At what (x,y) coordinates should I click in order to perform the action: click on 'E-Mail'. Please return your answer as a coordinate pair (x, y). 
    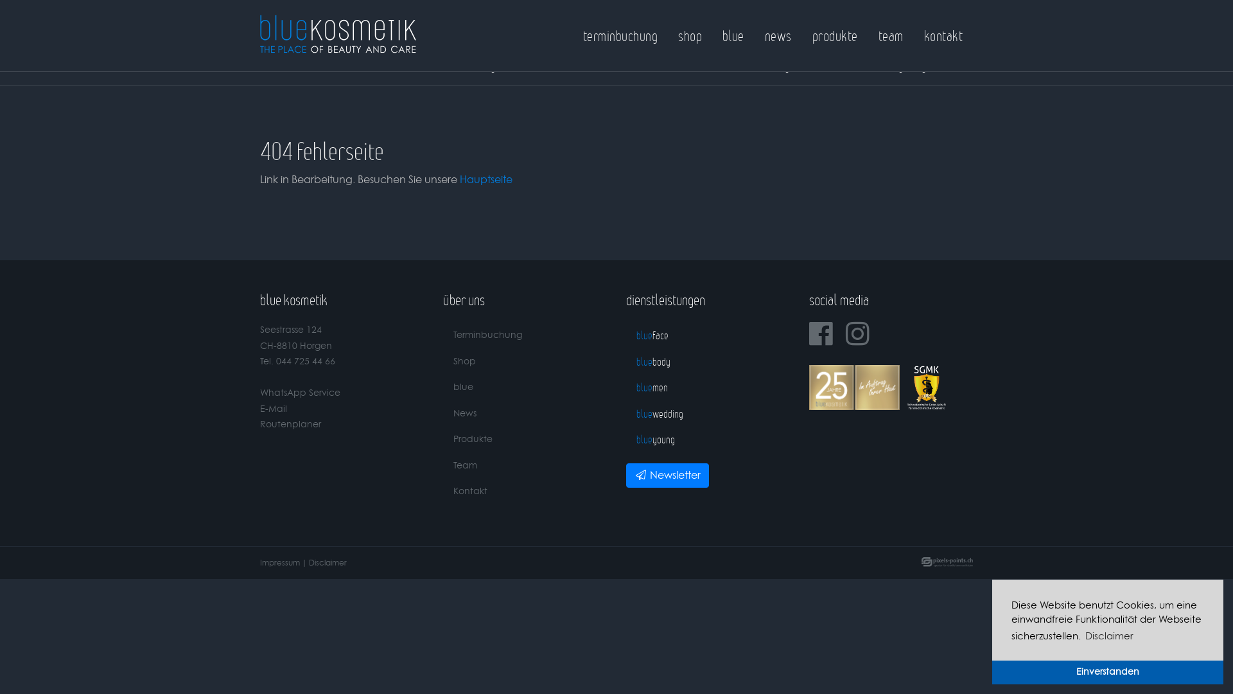
    Looking at the image, I should click on (273, 409).